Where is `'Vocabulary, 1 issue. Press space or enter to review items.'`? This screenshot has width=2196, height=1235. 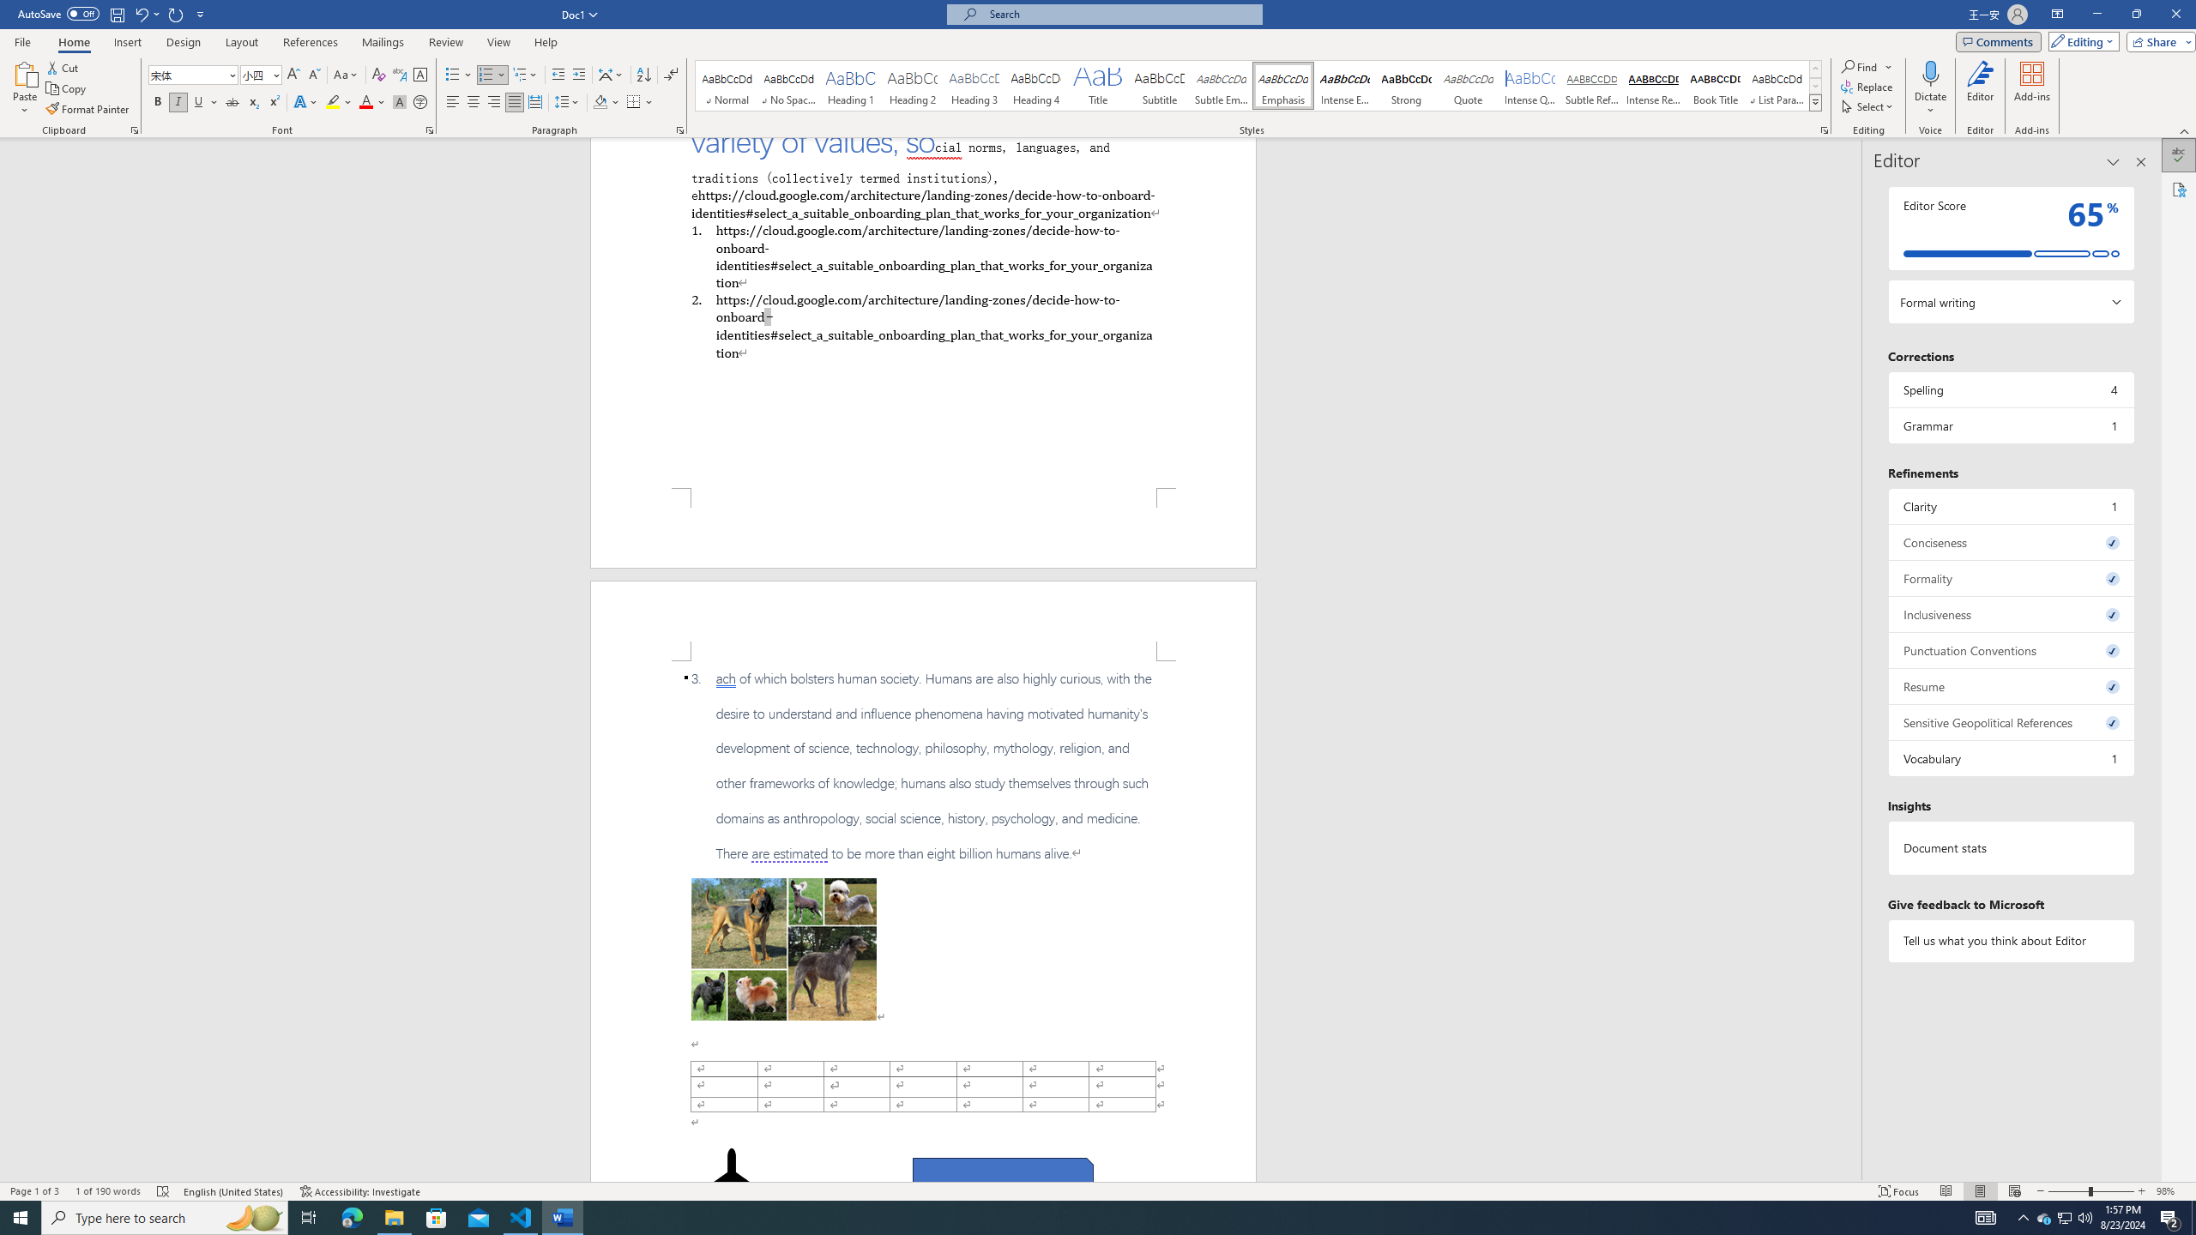
'Vocabulary, 1 issue. Press space or enter to review items.' is located at coordinates (2010, 758).